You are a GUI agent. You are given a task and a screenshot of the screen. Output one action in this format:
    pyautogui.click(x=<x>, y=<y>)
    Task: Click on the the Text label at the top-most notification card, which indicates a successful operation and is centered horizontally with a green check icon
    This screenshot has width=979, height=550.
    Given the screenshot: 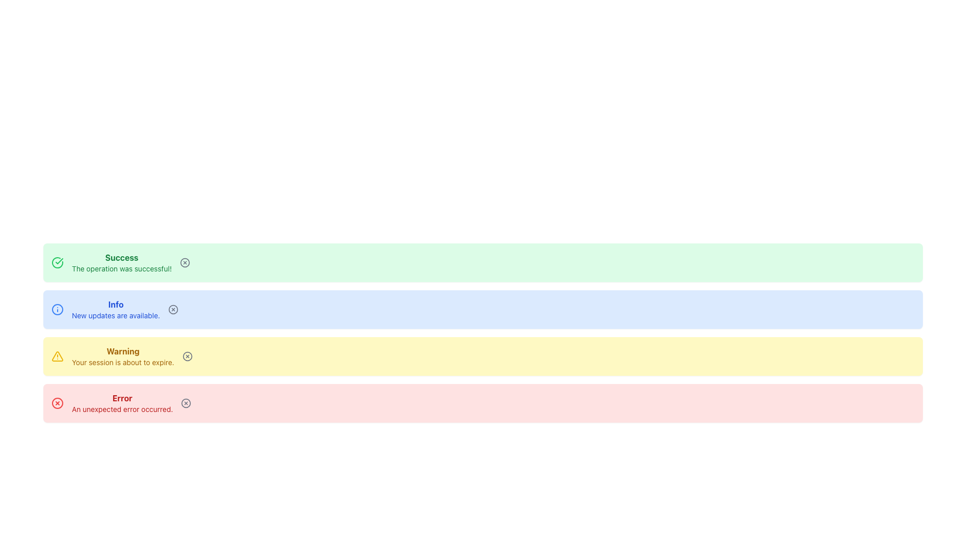 What is the action you would take?
    pyautogui.click(x=122, y=257)
    